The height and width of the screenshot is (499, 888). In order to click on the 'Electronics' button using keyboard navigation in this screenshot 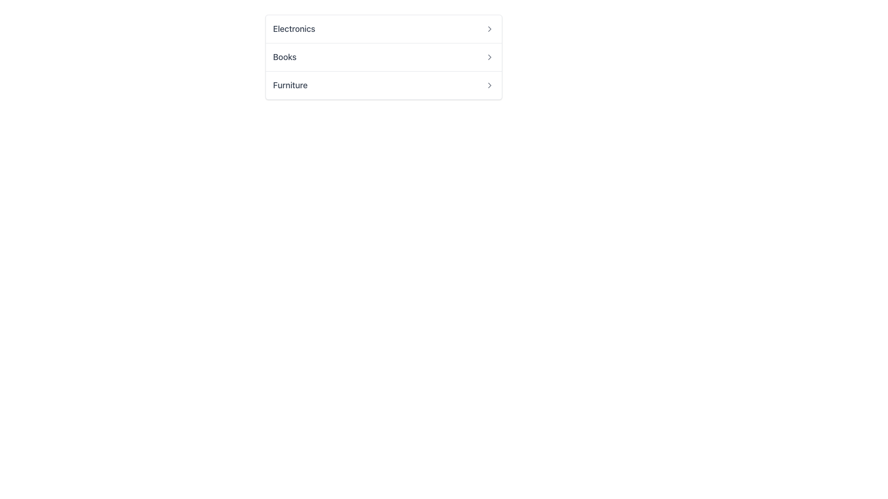, I will do `click(383, 28)`.